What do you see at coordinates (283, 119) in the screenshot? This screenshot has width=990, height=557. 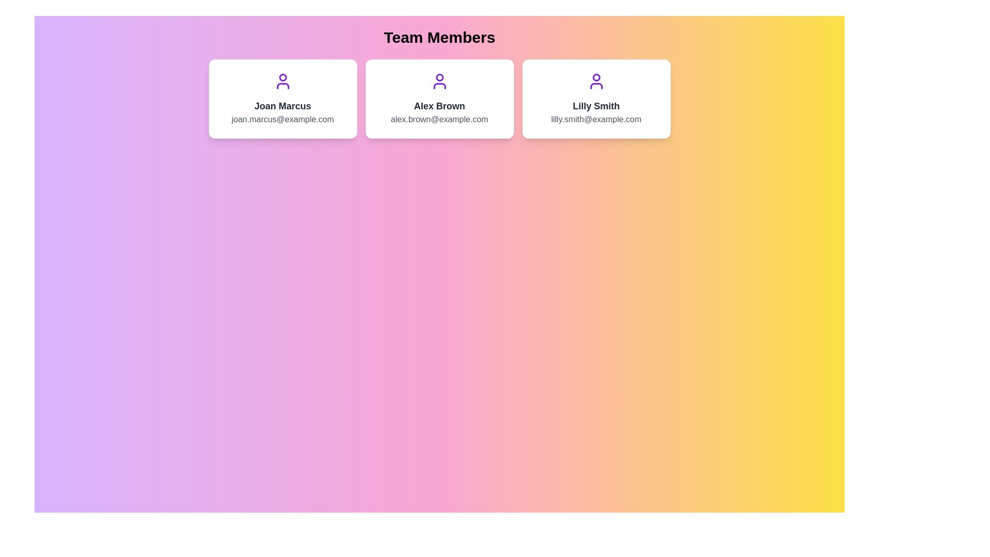 I see `the email address text of the team member, which is located below the 'Joan Marcus' text in the 'Team Members' section` at bounding box center [283, 119].